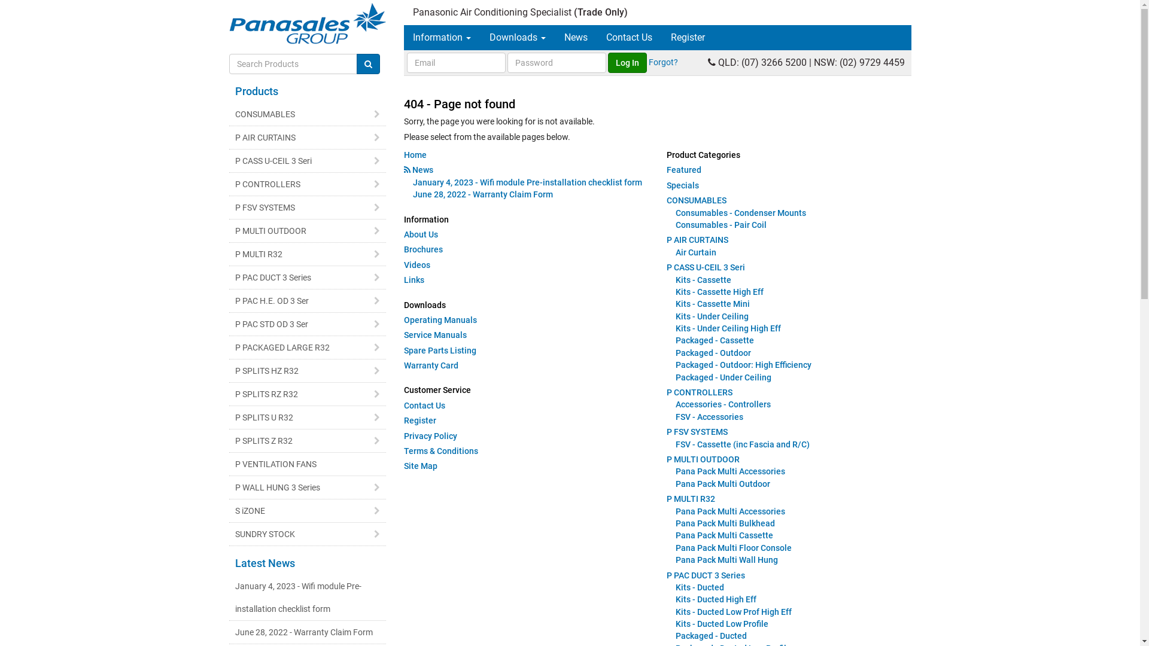 This screenshot has width=1149, height=646. Describe the element at coordinates (404, 405) in the screenshot. I see `'Contact Us'` at that location.